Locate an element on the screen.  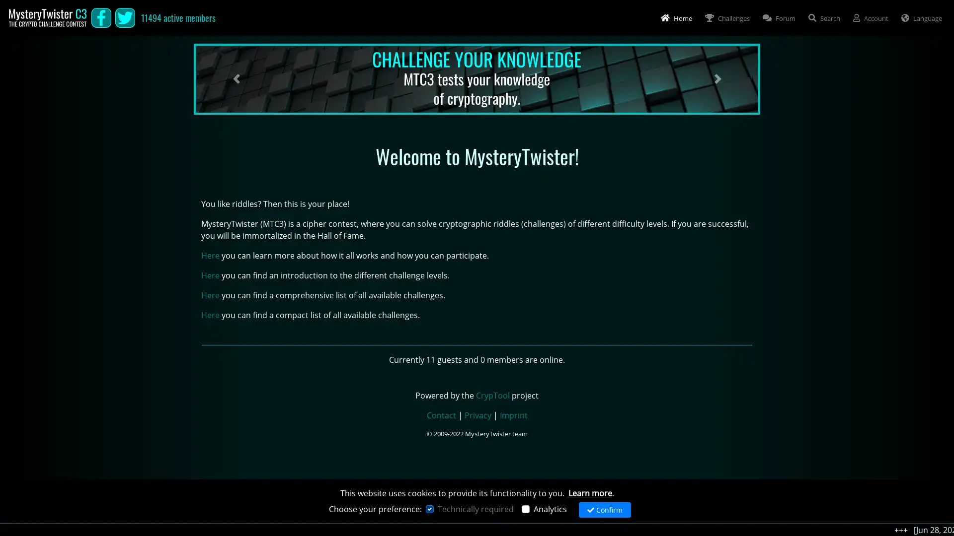
Next is located at coordinates (717, 78).